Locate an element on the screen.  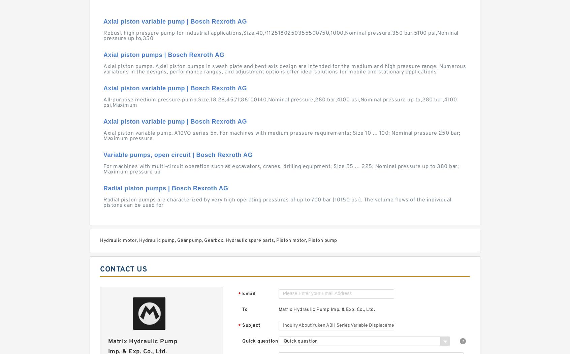
'Axial piston variable pump. A10VO series 5x. For machines with medium pressure requirements; Size 10 … 100; Nominal pressure 250 bar; Maximum pressure' is located at coordinates (103, 136).